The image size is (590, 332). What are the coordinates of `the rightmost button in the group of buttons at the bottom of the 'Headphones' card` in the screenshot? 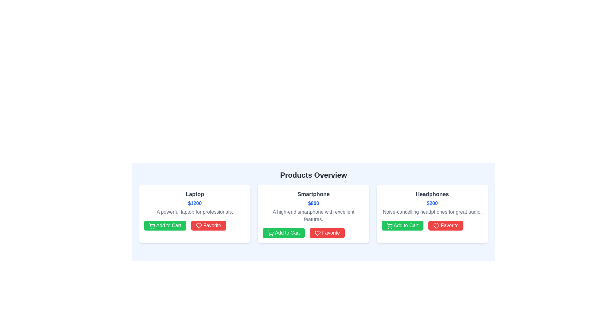 It's located at (446, 225).